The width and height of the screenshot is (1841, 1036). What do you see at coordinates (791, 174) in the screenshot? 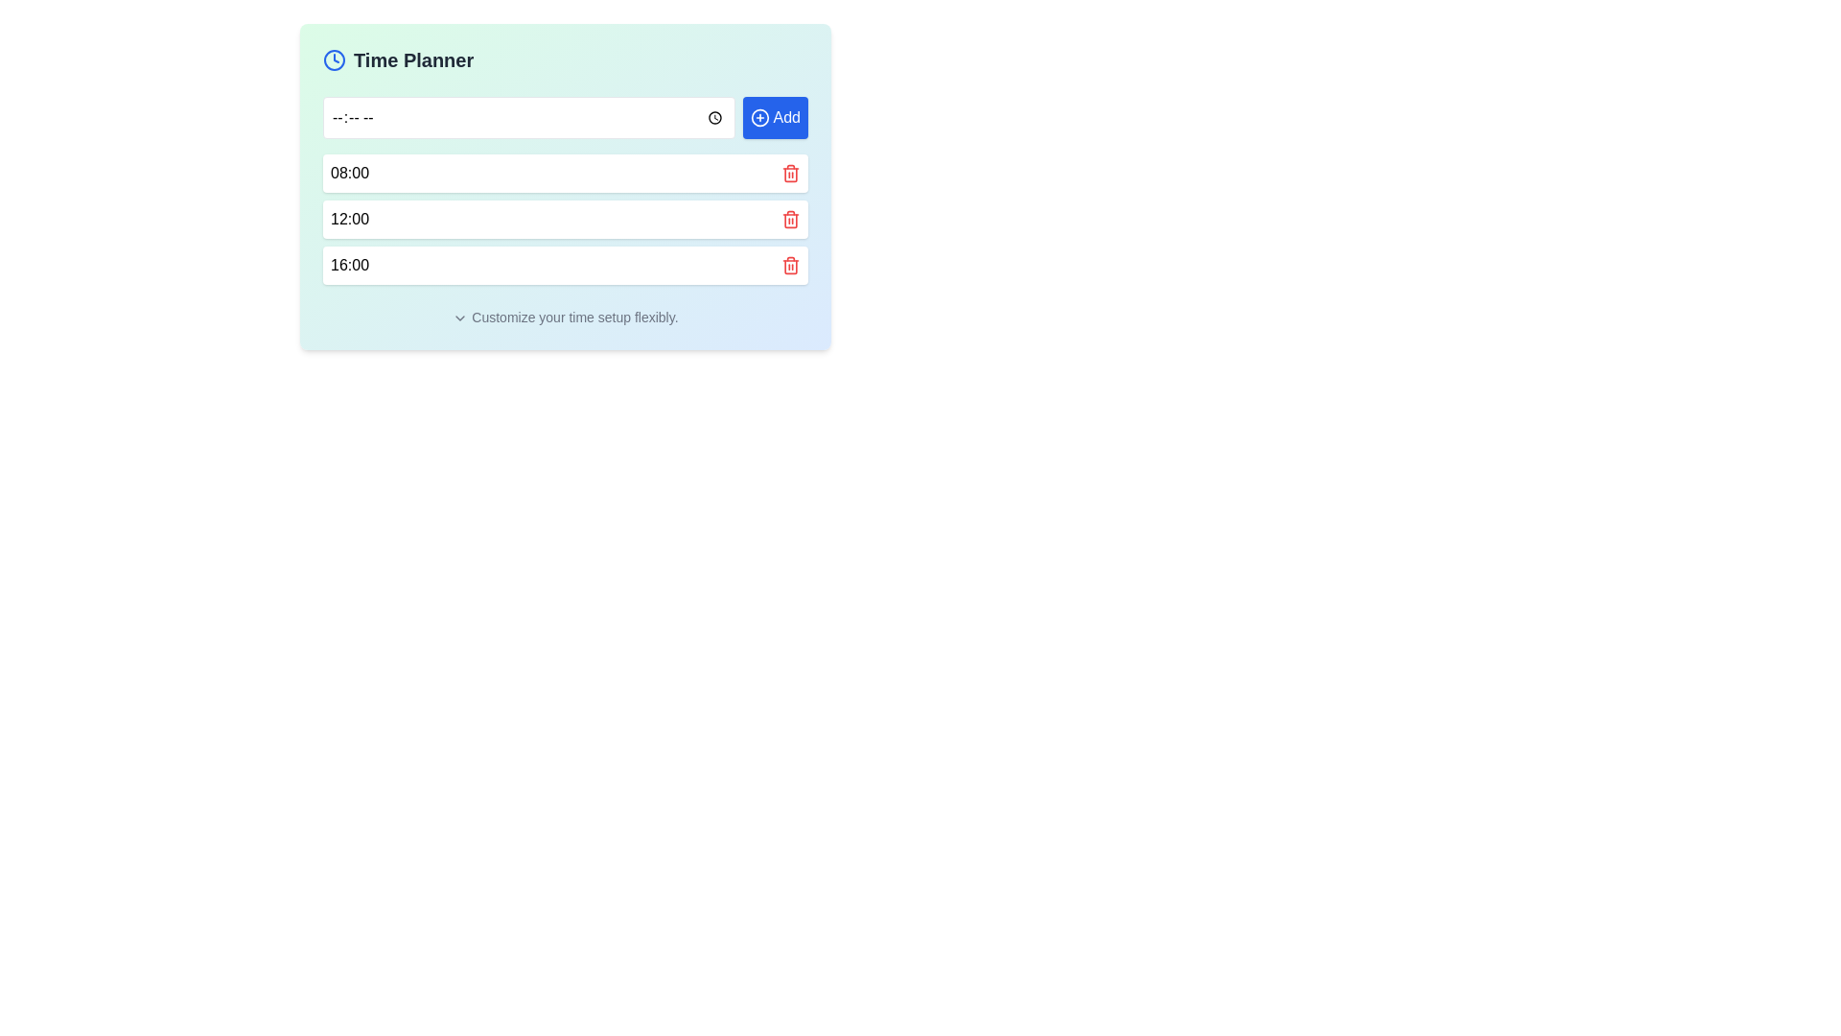
I see `the central body of the trash icon, which is a trapezoid-like outline with rounded corners, located to the right of each time entry row, to trigger tooltip or visual feedback` at bounding box center [791, 174].